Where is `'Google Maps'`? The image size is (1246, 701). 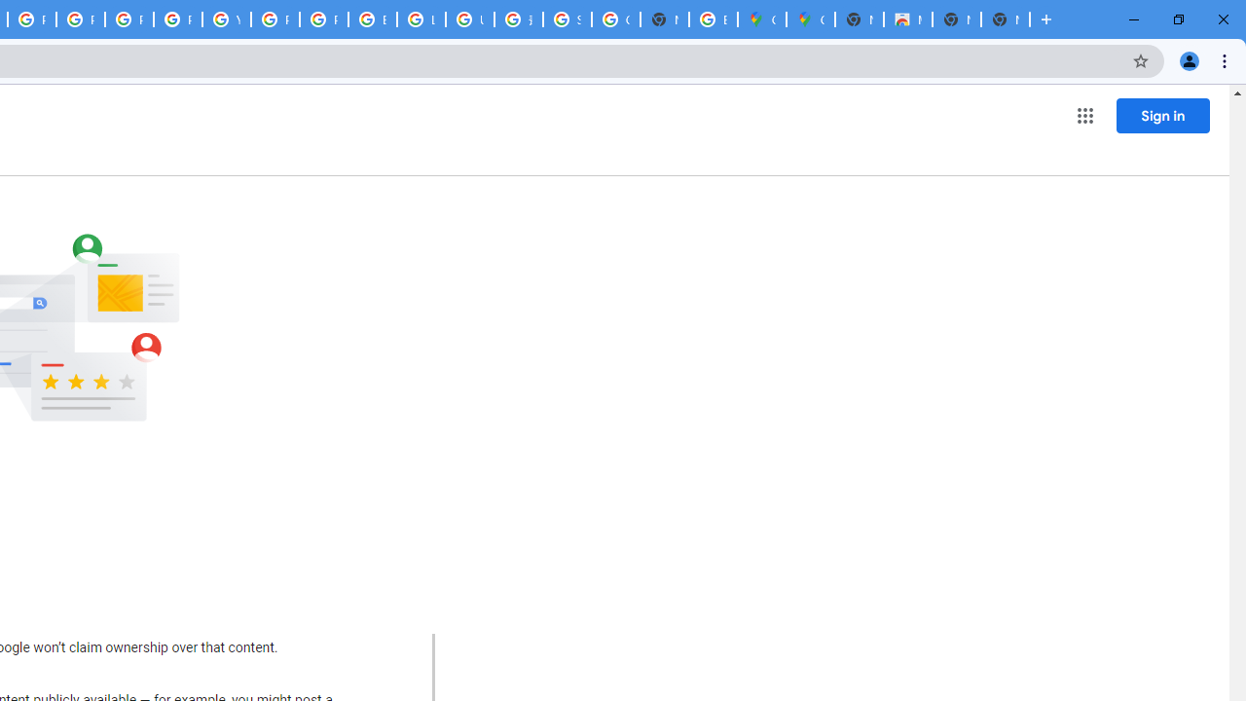 'Google Maps' is located at coordinates (810, 19).